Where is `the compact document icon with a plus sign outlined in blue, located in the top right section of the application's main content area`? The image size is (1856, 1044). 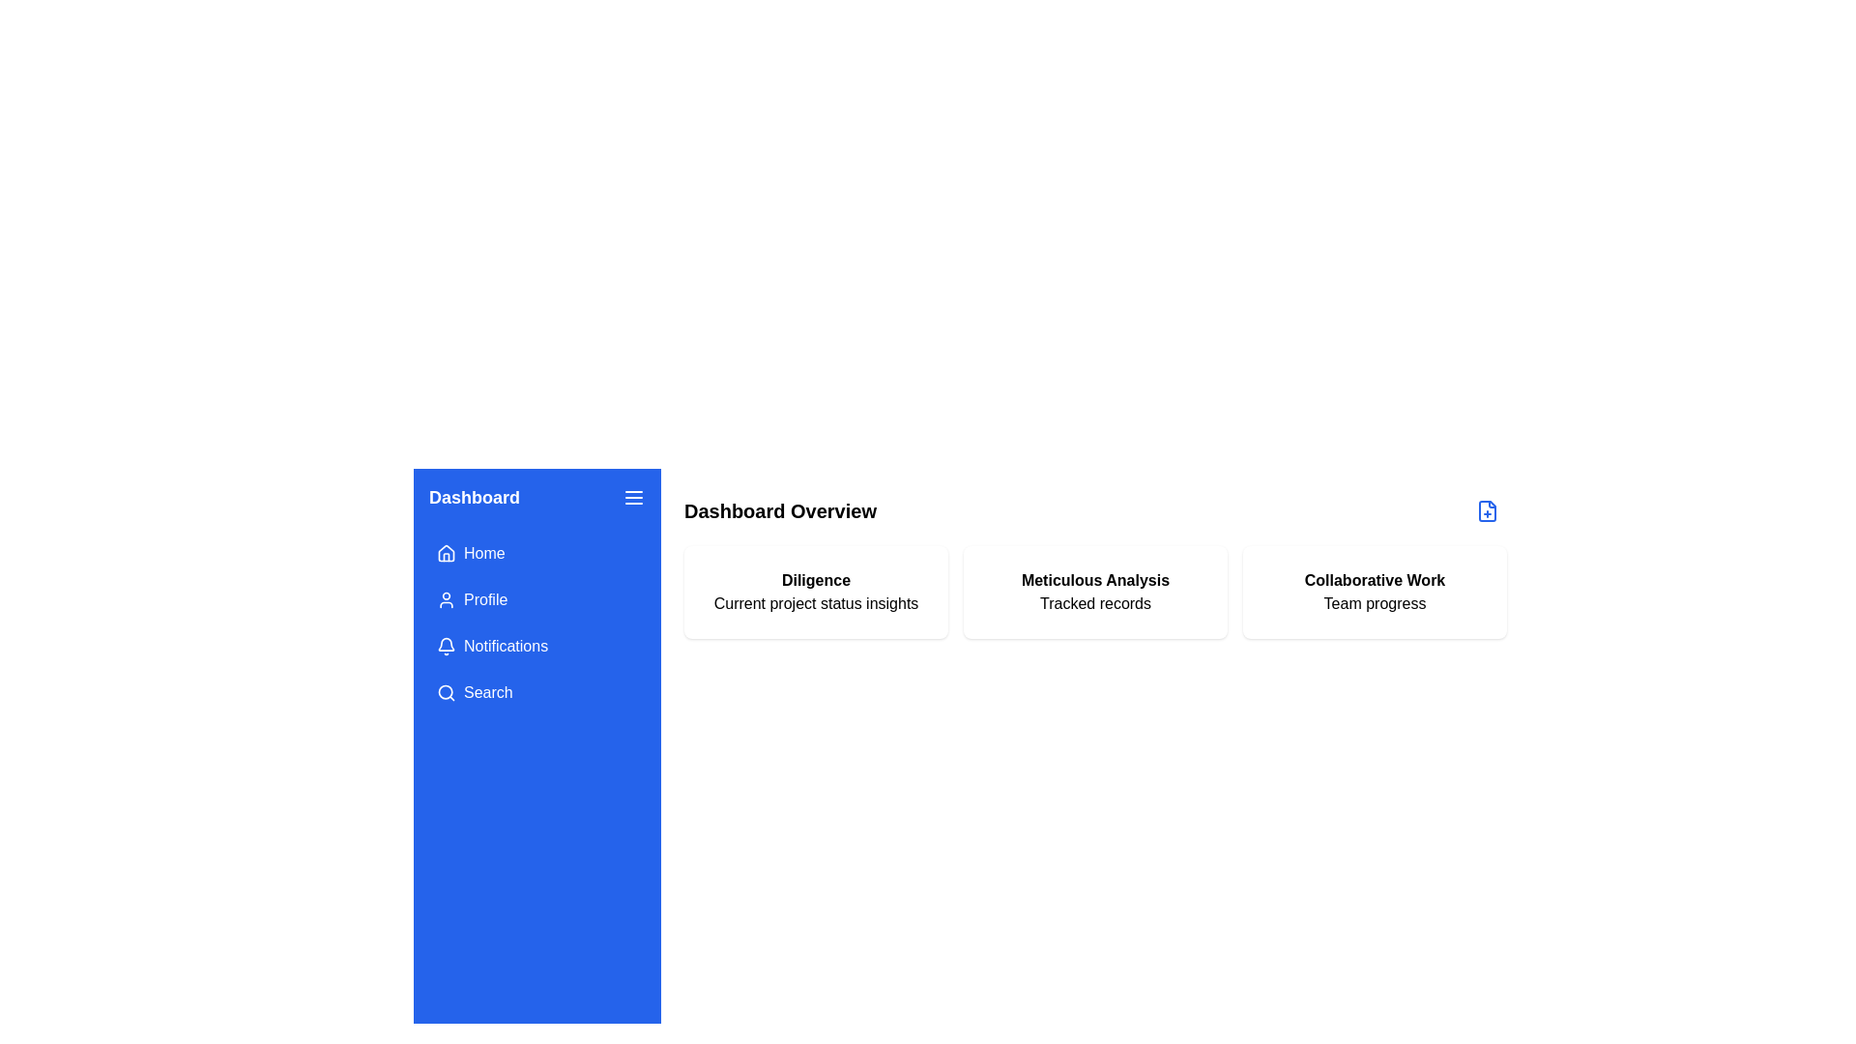 the compact document icon with a plus sign outlined in blue, located in the top right section of the application's main content area is located at coordinates (1487, 509).